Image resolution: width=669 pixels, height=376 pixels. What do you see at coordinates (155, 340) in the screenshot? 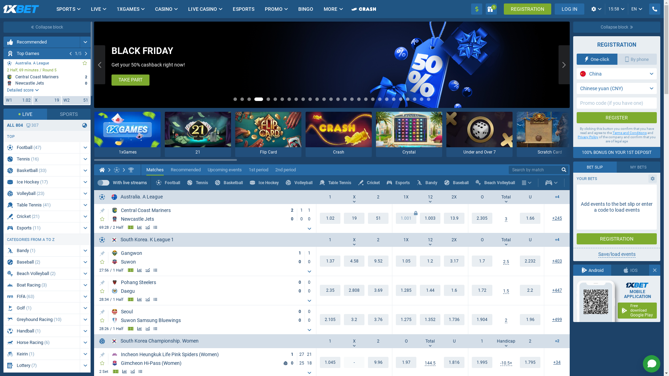
I see `'South Korea Championship. Women'` at bounding box center [155, 340].